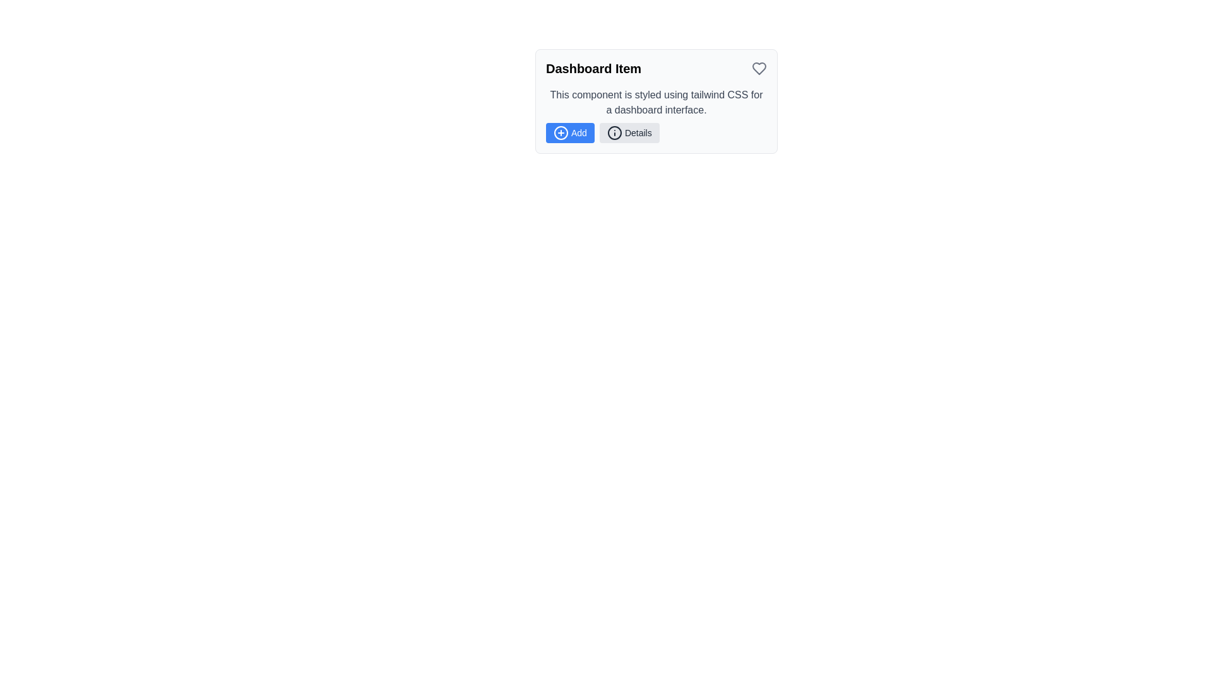  I want to click on the circular blue icon with a plus sign located within the 'Add' button, positioned to the left of the button's text, so click(560, 133).